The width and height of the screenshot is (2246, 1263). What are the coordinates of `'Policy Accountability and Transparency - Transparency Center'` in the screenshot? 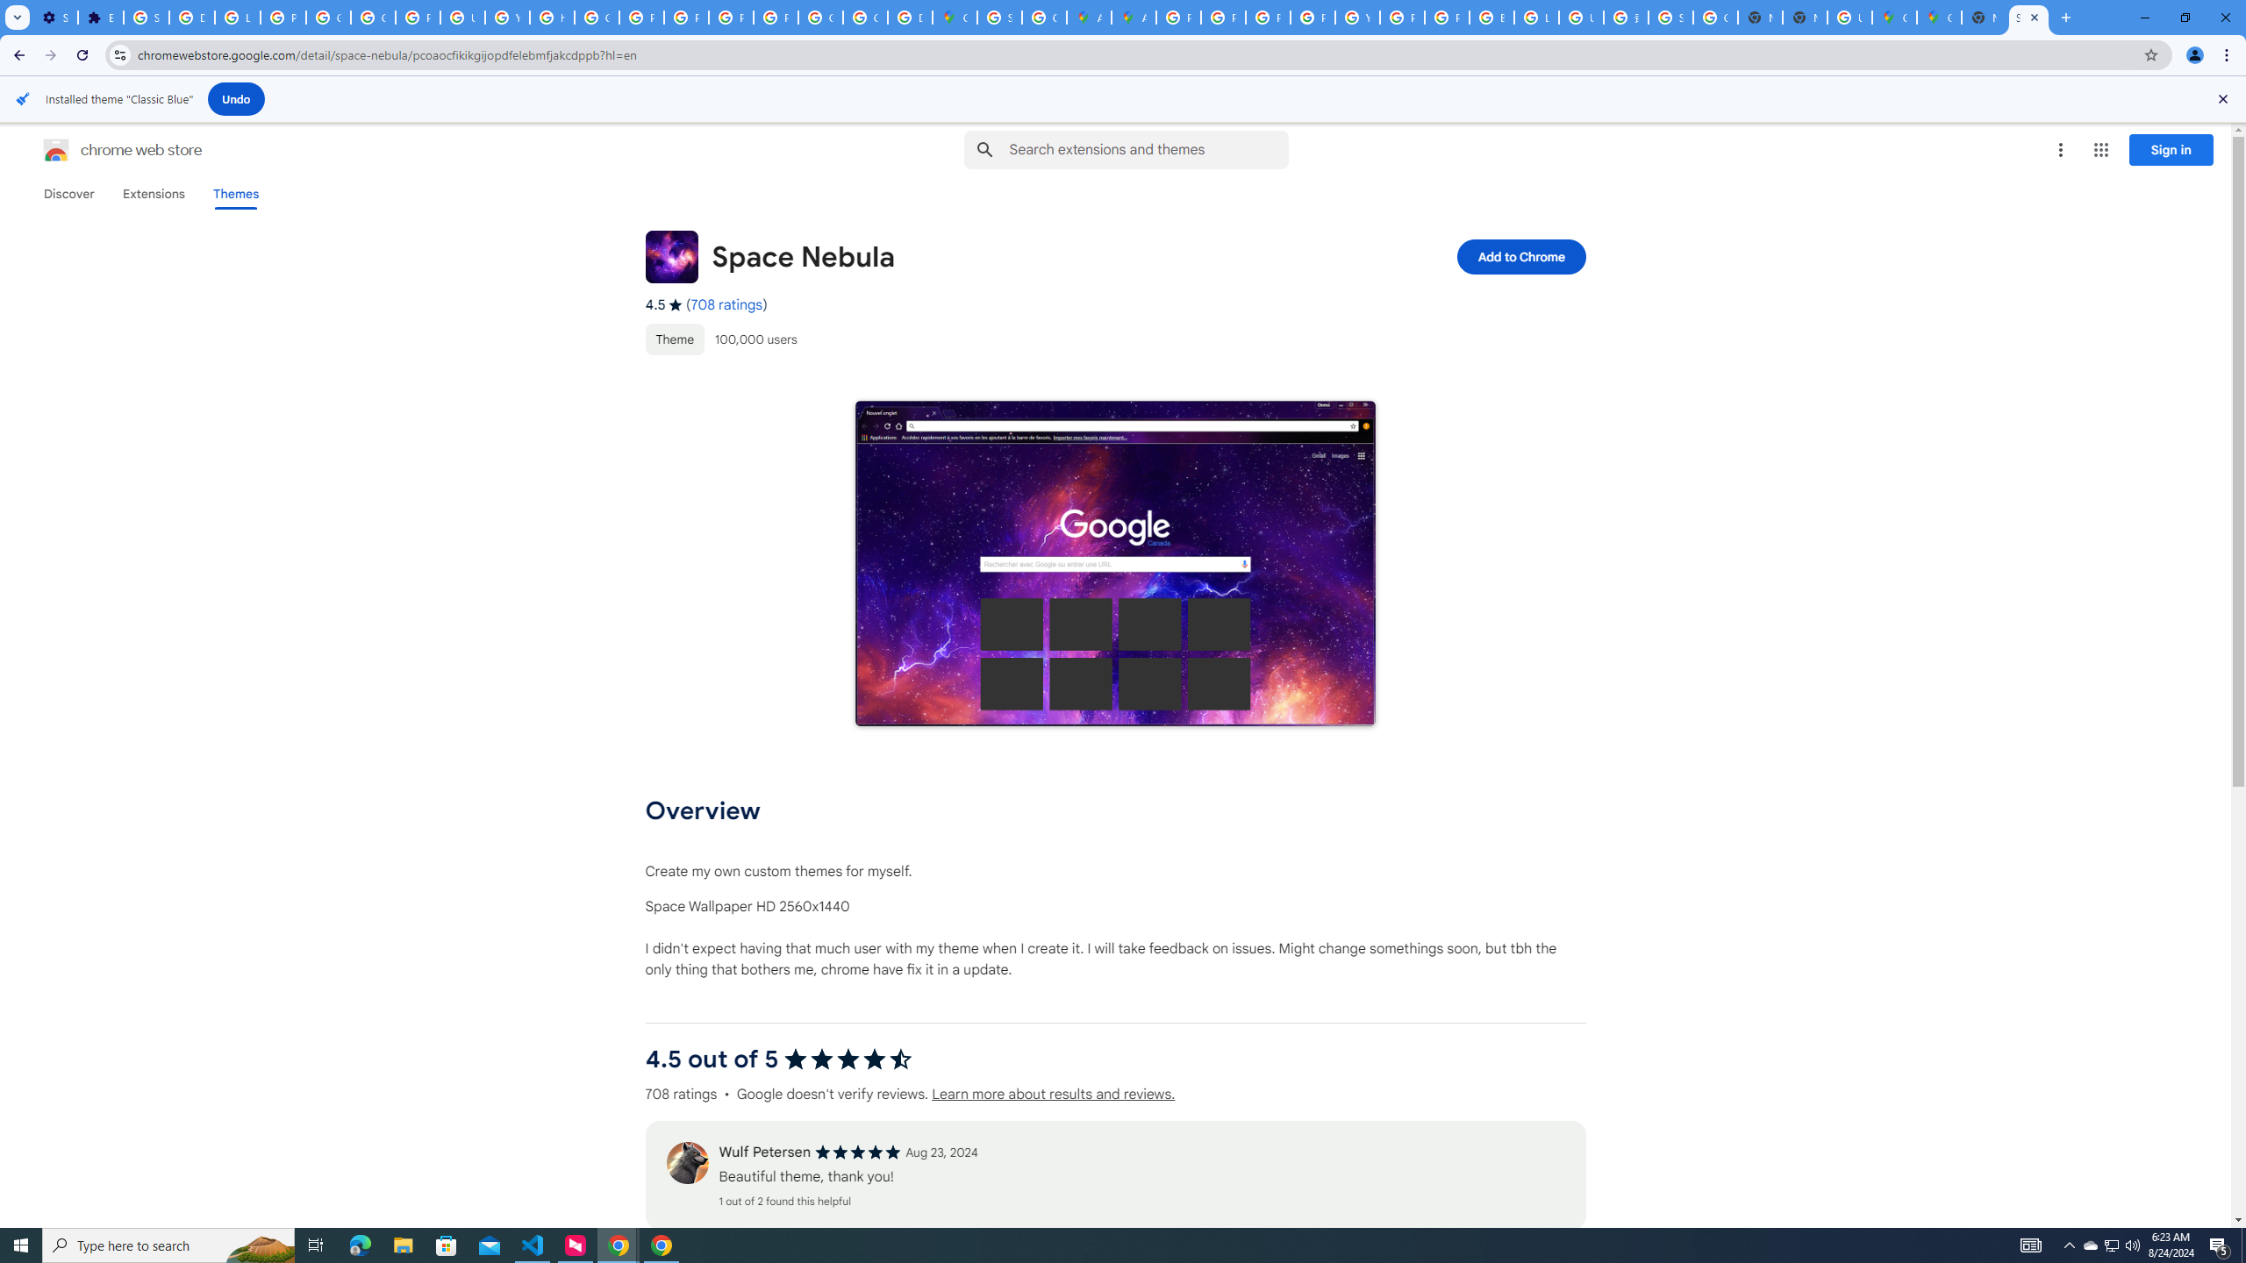 It's located at (1177, 17).